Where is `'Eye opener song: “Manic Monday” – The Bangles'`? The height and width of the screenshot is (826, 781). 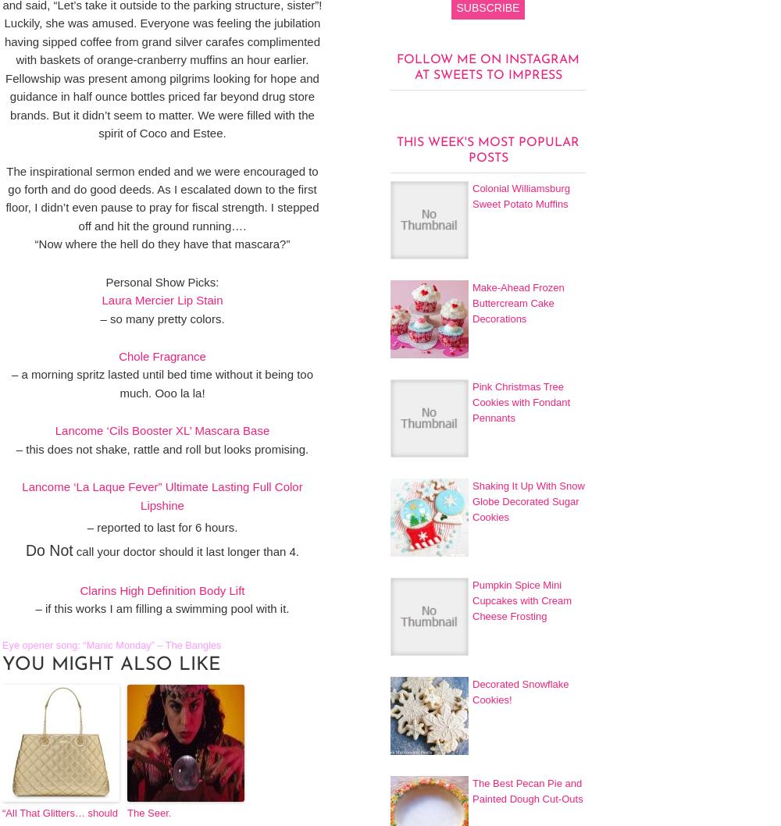
'Eye opener song: “Manic Monday” – The Bangles' is located at coordinates (112, 643).